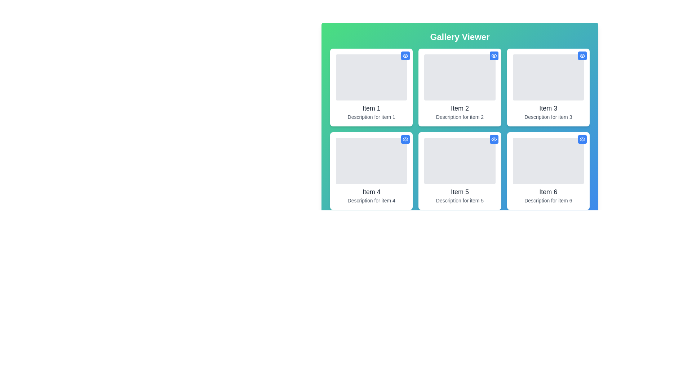 This screenshot has height=389, width=692. Describe the element at coordinates (460, 171) in the screenshot. I see `title 'Item 5' and description 'Description for item 5' from the card element located in the second row and second column of the grid layout` at that location.